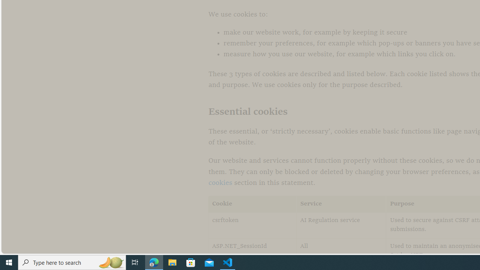 This screenshot has height=270, width=480. I want to click on 'Microsoft Edge - 1 running window', so click(154, 262).